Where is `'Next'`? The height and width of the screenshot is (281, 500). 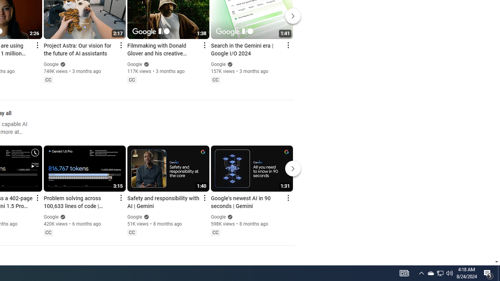
'Next' is located at coordinates (293, 168).